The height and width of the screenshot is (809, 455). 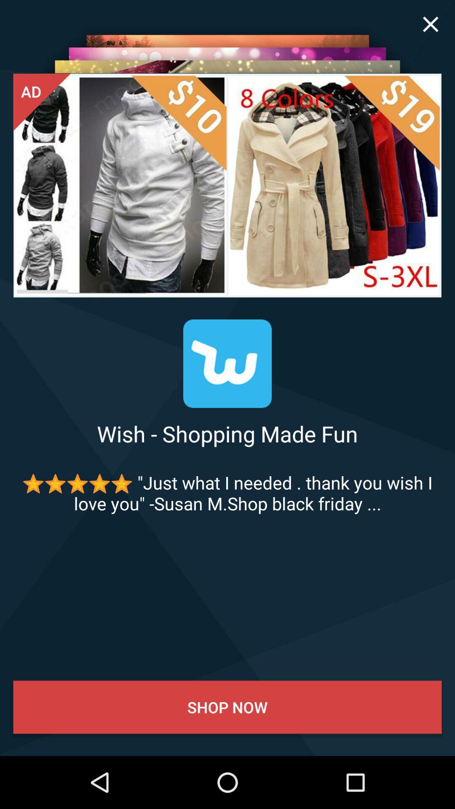 What do you see at coordinates (431, 24) in the screenshot?
I see `the close icon` at bounding box center [431, 24].